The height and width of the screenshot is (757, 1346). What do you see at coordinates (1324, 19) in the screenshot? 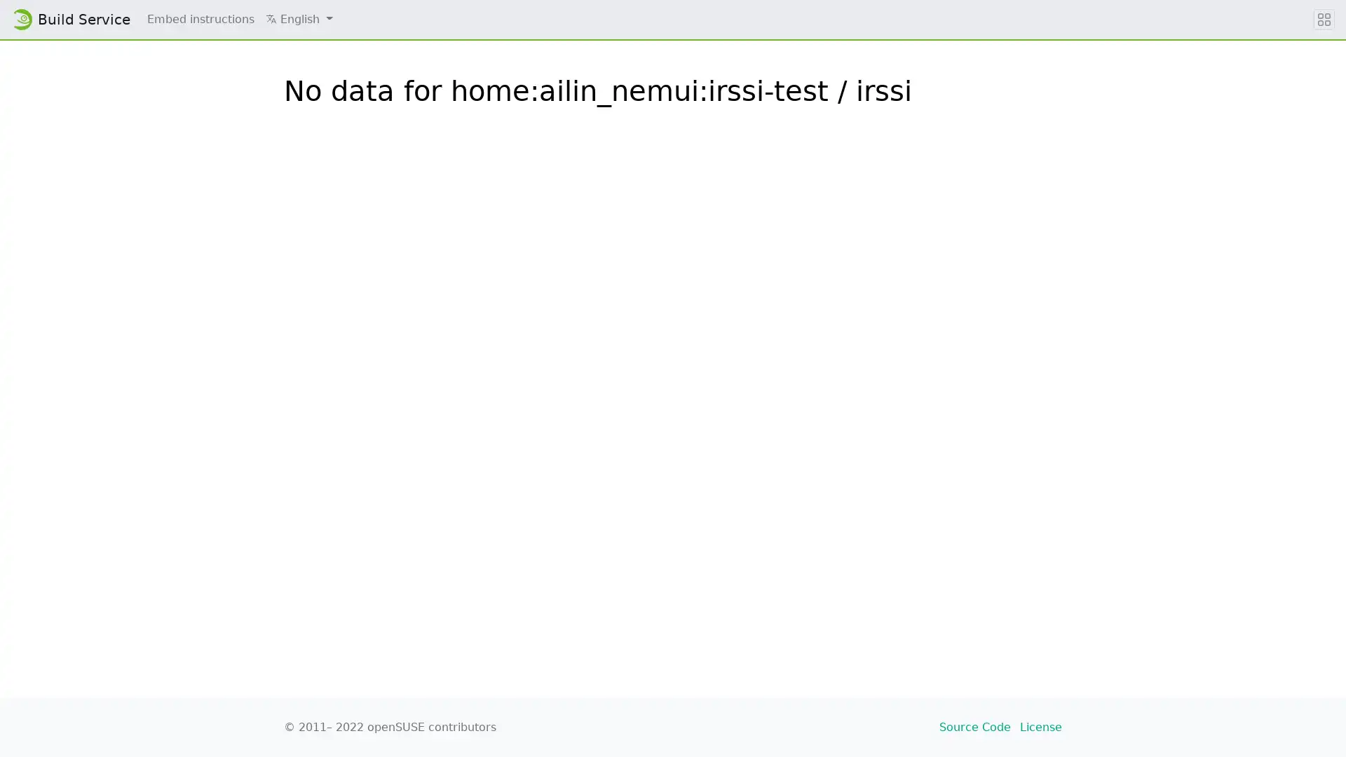
I see `title` at bounding box center [1324, 19].